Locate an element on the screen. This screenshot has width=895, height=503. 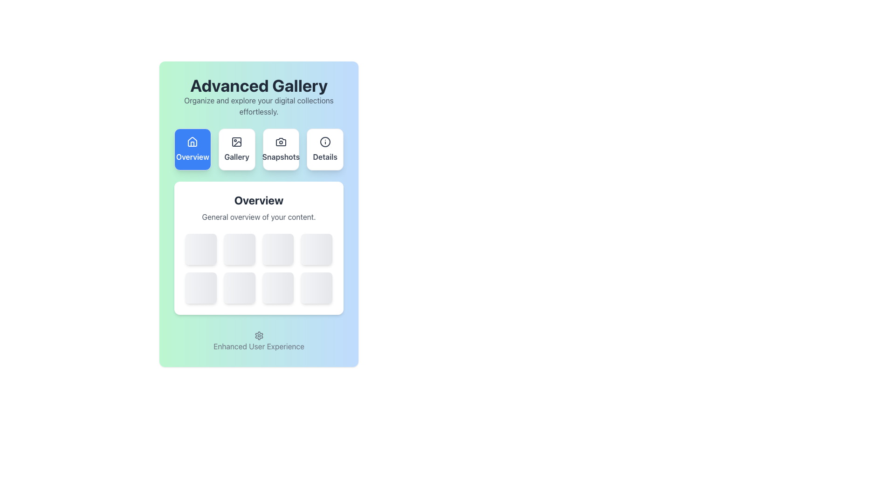
the 'Snapshots' button, which is a rectangular button with rounded corners, white color with blue highlights on hover, featuring a camera icon at the top and the text 'Snapshots' below it, located in the third column of buttons in the center of the user interface is located at coordinates (280, 149).